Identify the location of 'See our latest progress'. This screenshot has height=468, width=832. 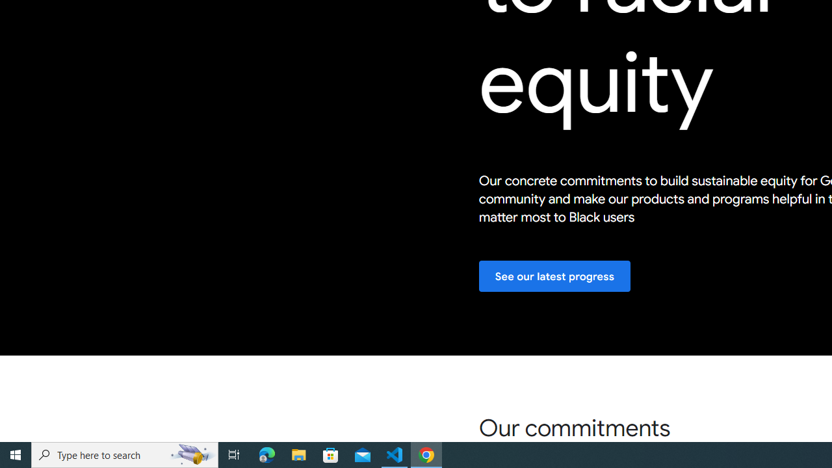
(554, 276).